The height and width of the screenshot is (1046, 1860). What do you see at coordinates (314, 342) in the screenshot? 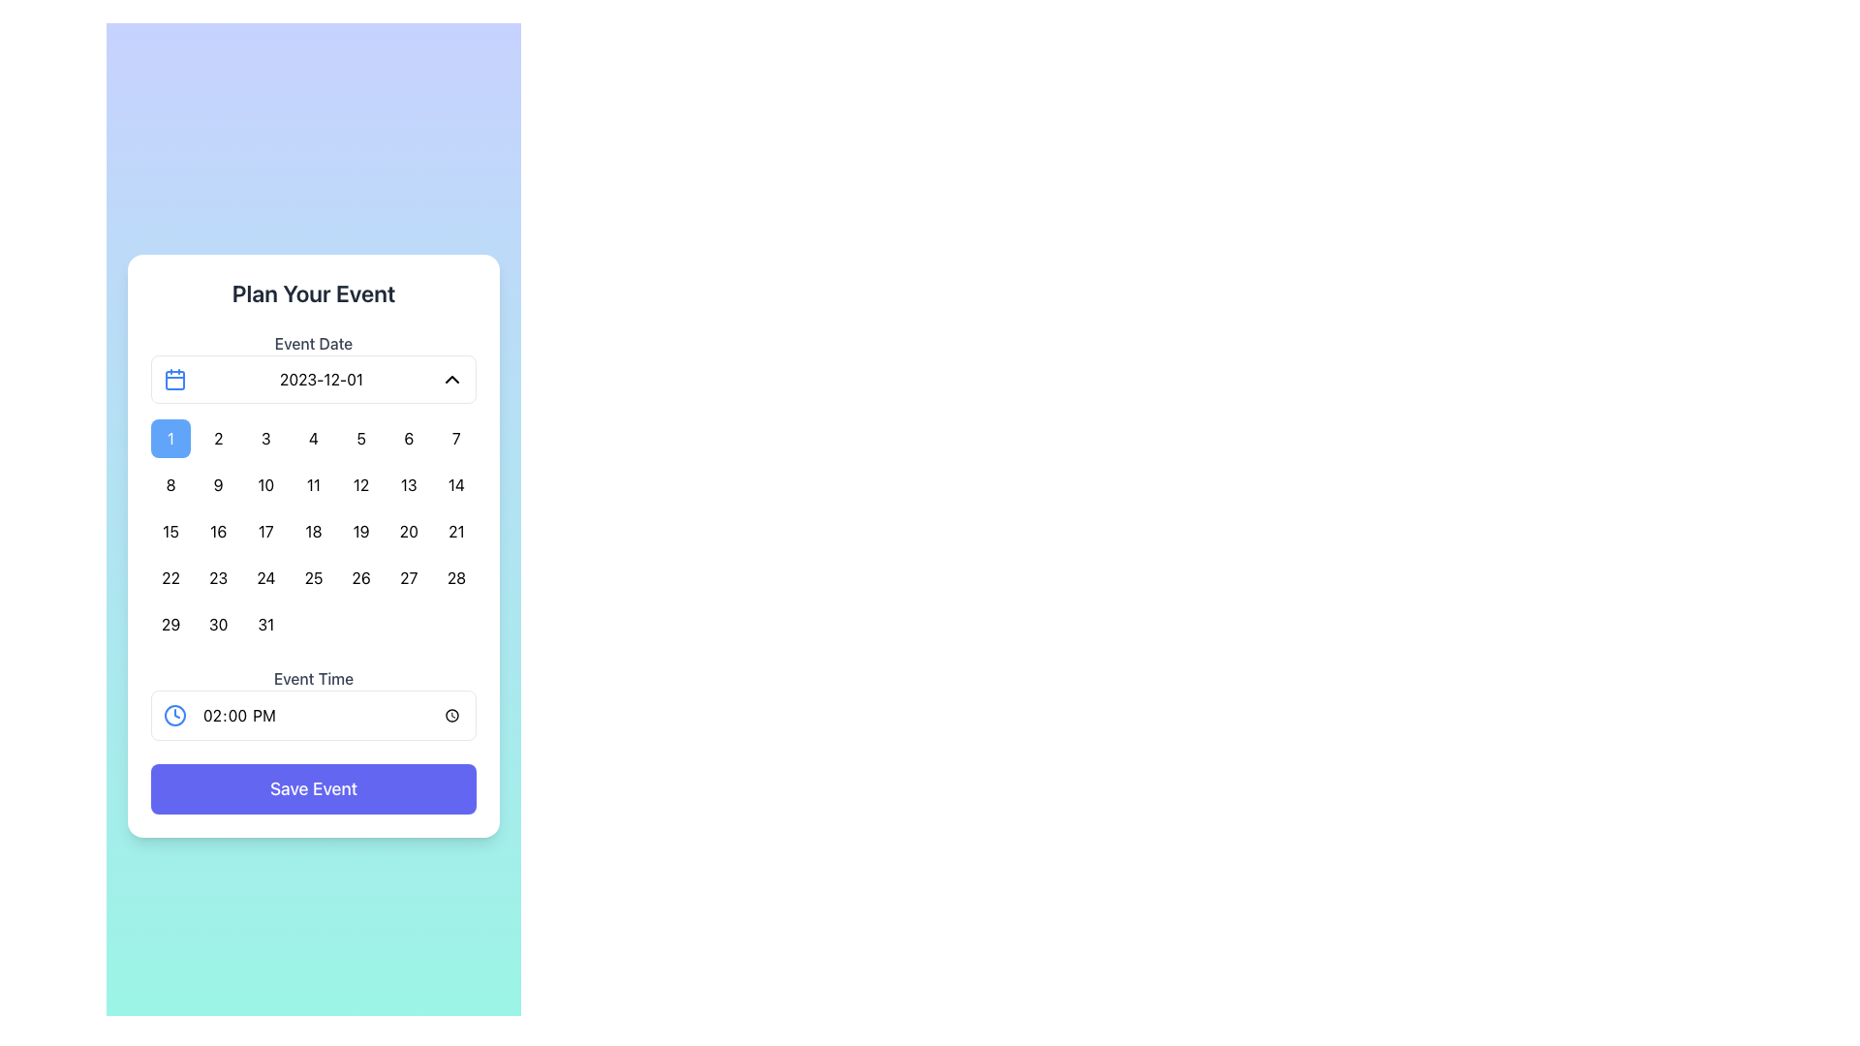
I see `the 'Event Date' label, which is a medium-sized gray text located at the top of the date selection section, above the calendar icon and date field` at bounding box center [314, 342].